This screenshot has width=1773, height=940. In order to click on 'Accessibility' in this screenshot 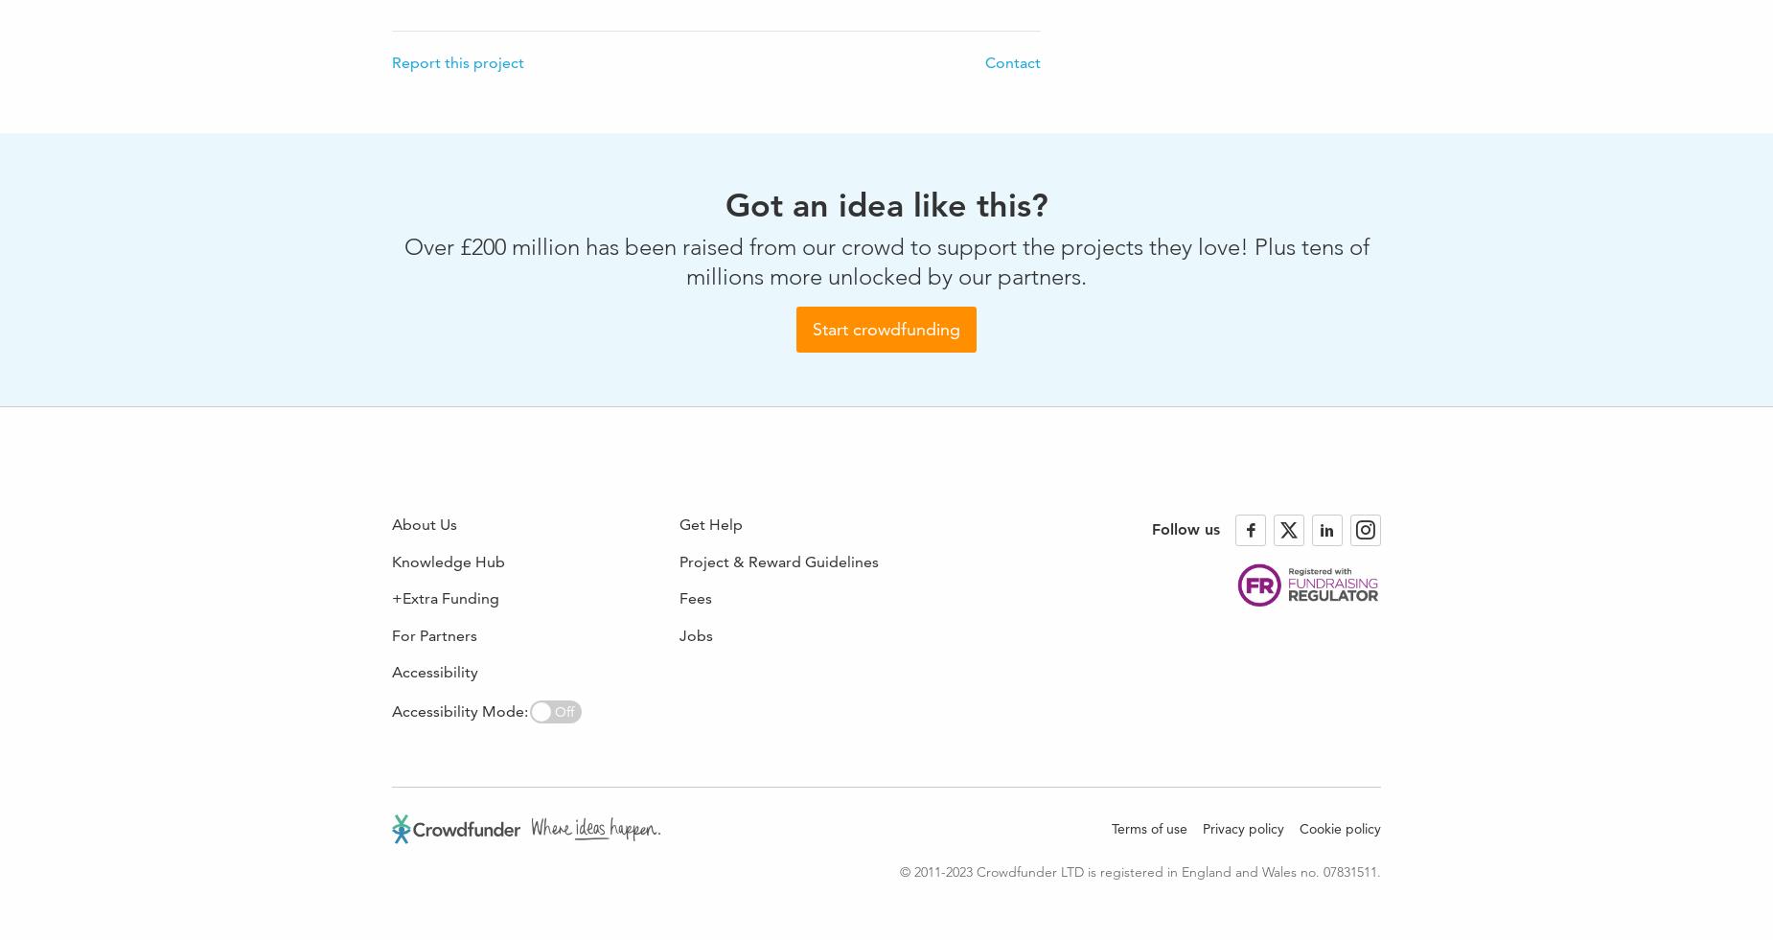, I will do `click(433, 672)`.